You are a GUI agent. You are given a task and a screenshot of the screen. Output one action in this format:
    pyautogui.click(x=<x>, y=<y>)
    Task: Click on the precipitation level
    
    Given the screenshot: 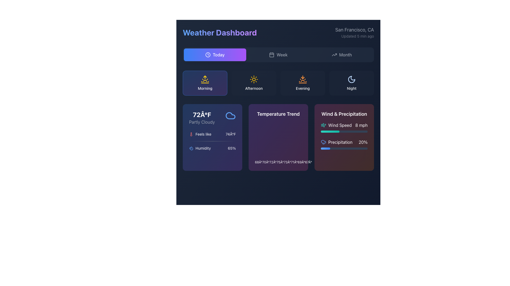 What is the action you would take?
    pyautogui.click(x=324, y=131)
    